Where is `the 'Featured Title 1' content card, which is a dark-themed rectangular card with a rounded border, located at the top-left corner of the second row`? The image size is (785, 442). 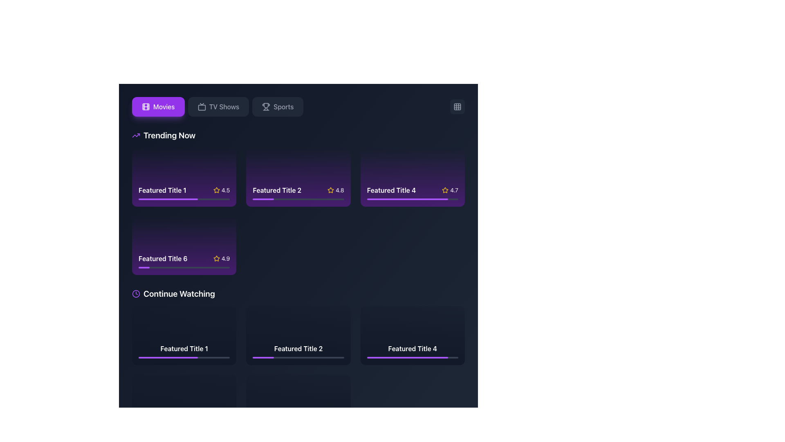
the 'Featured Title 1' content card, which is a dark-themed rectangular card with a rounded border, located at the top-left corner of the second row is located at coordinates (184, 336).